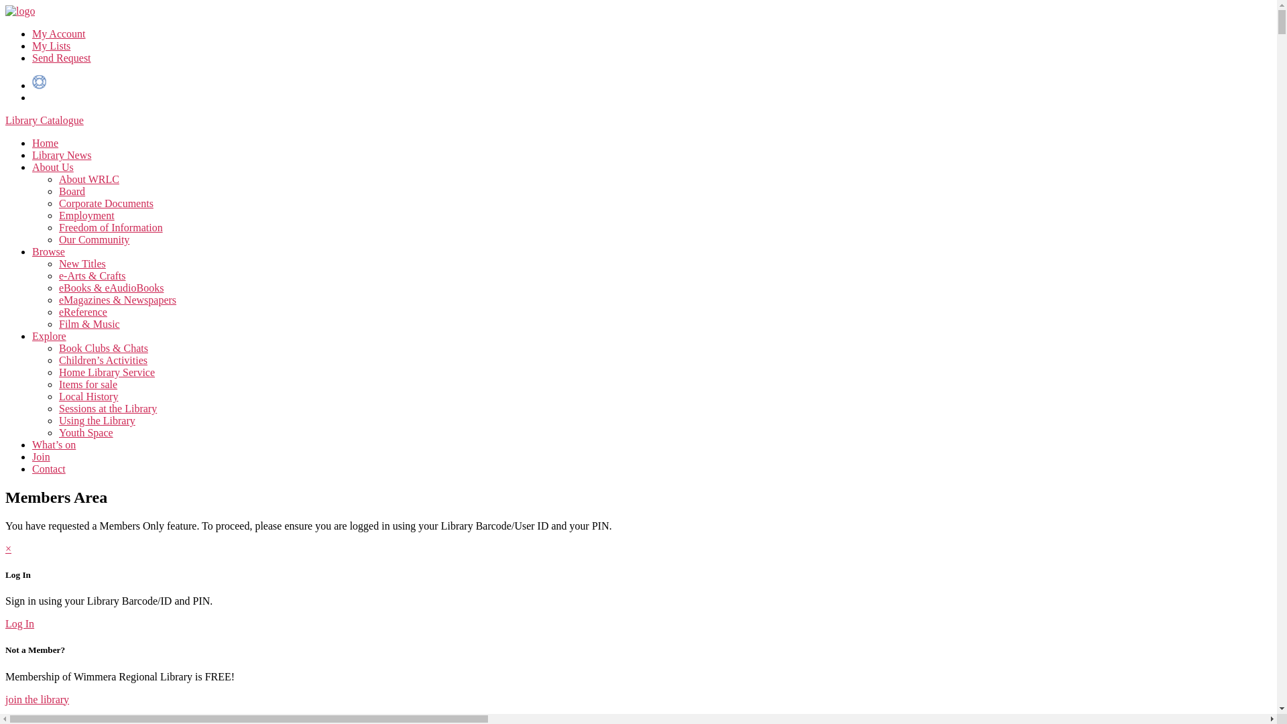 Image resolution: width=1287 pixels, height=724 pixels. I want to click on 'e-Arts & Crafts', so click(92, 275).